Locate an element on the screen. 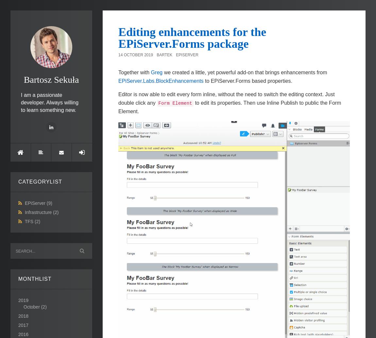 Image resolution: width=376 pixels, height=338 pixels. '2016' is located at coordinates (23, 334).